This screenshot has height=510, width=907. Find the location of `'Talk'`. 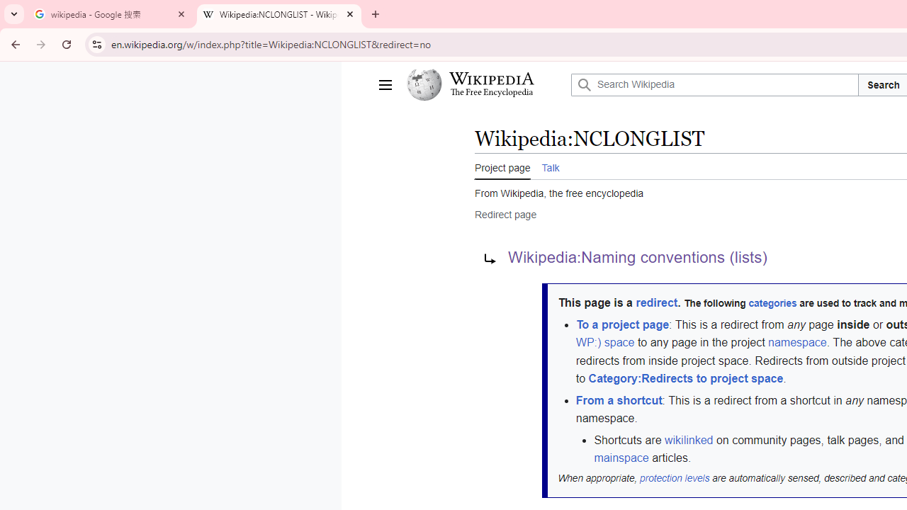

'Talk' is located at coordinates (549, 166).